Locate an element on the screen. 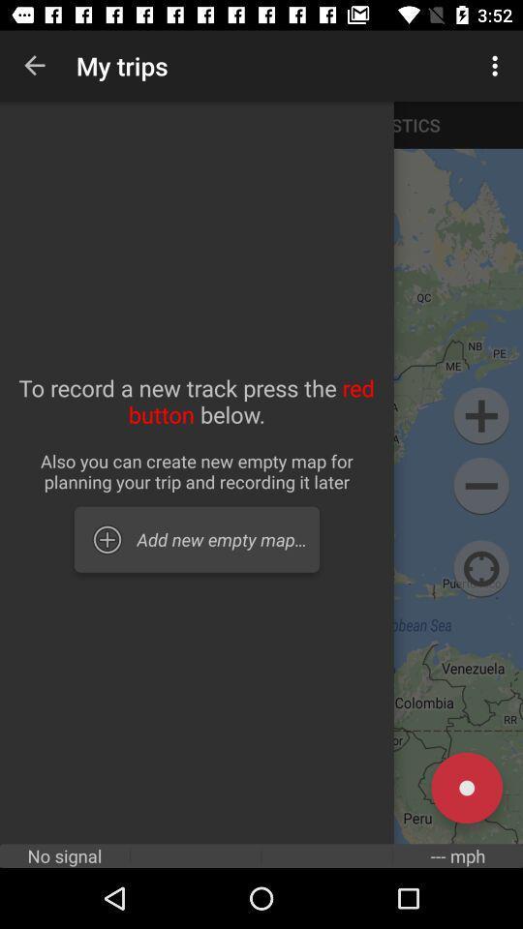 Image resolution: width=523 pixels, height=929 pixels. red colour circle is located at coordinates (466, 788).